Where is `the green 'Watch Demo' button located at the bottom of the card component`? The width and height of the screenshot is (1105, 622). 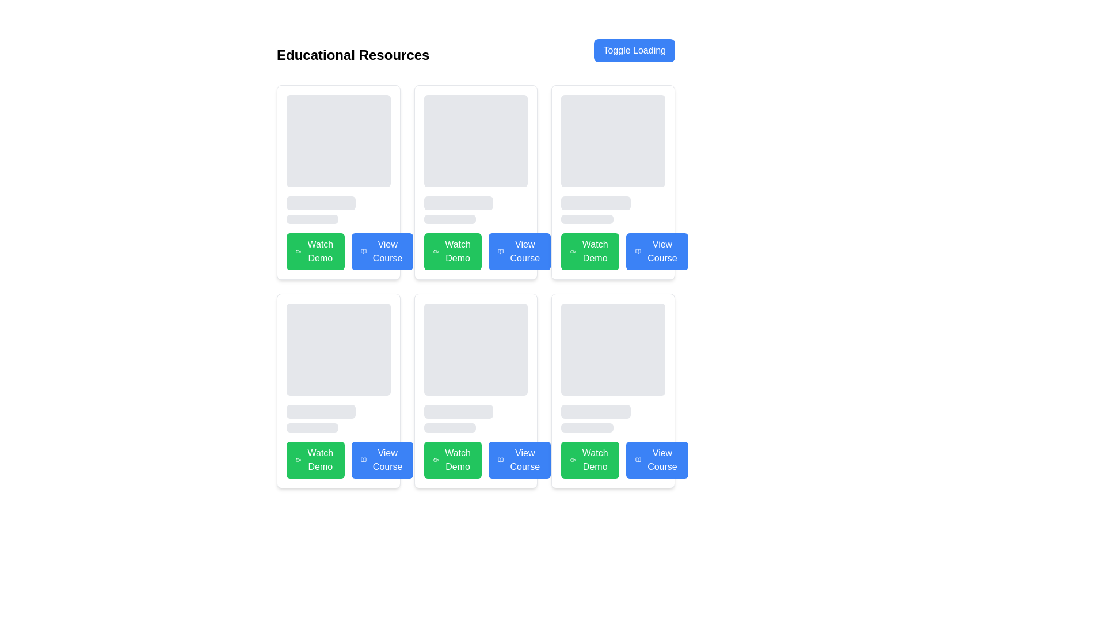
the green 'Watch Demo' button located at the bottom of the card component is located at coordinates (475, 459).